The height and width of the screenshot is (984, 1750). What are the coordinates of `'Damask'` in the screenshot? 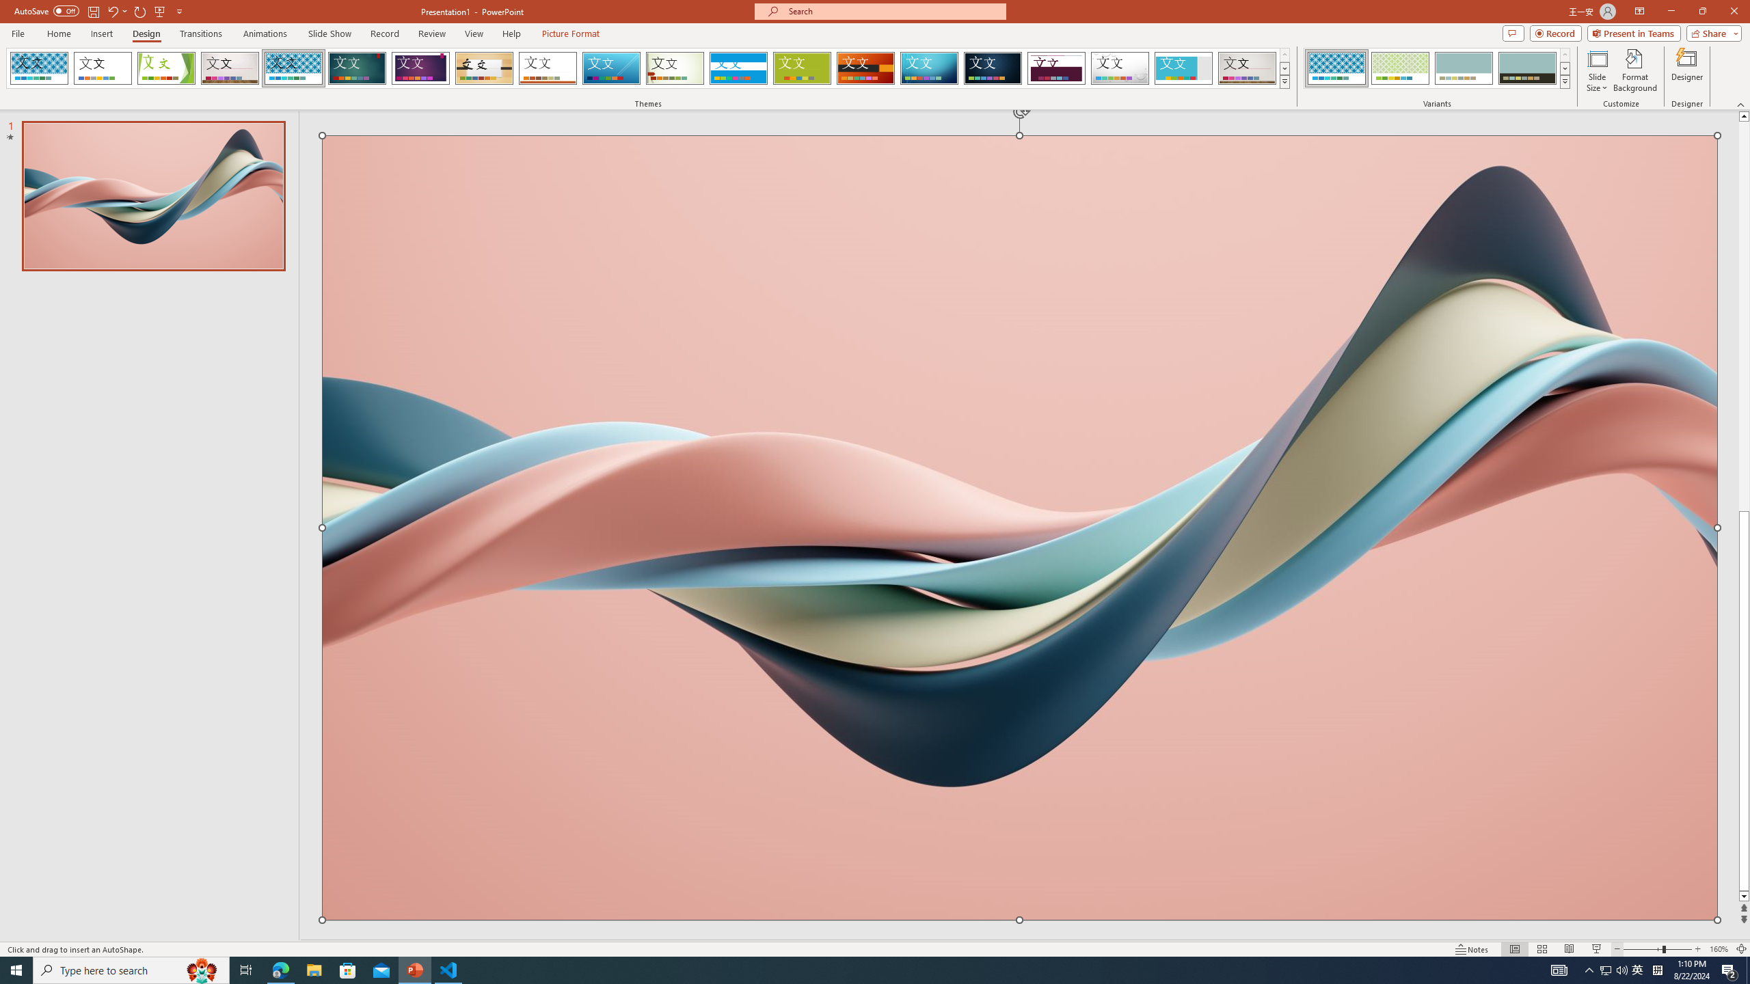 It's located at (992, 68).